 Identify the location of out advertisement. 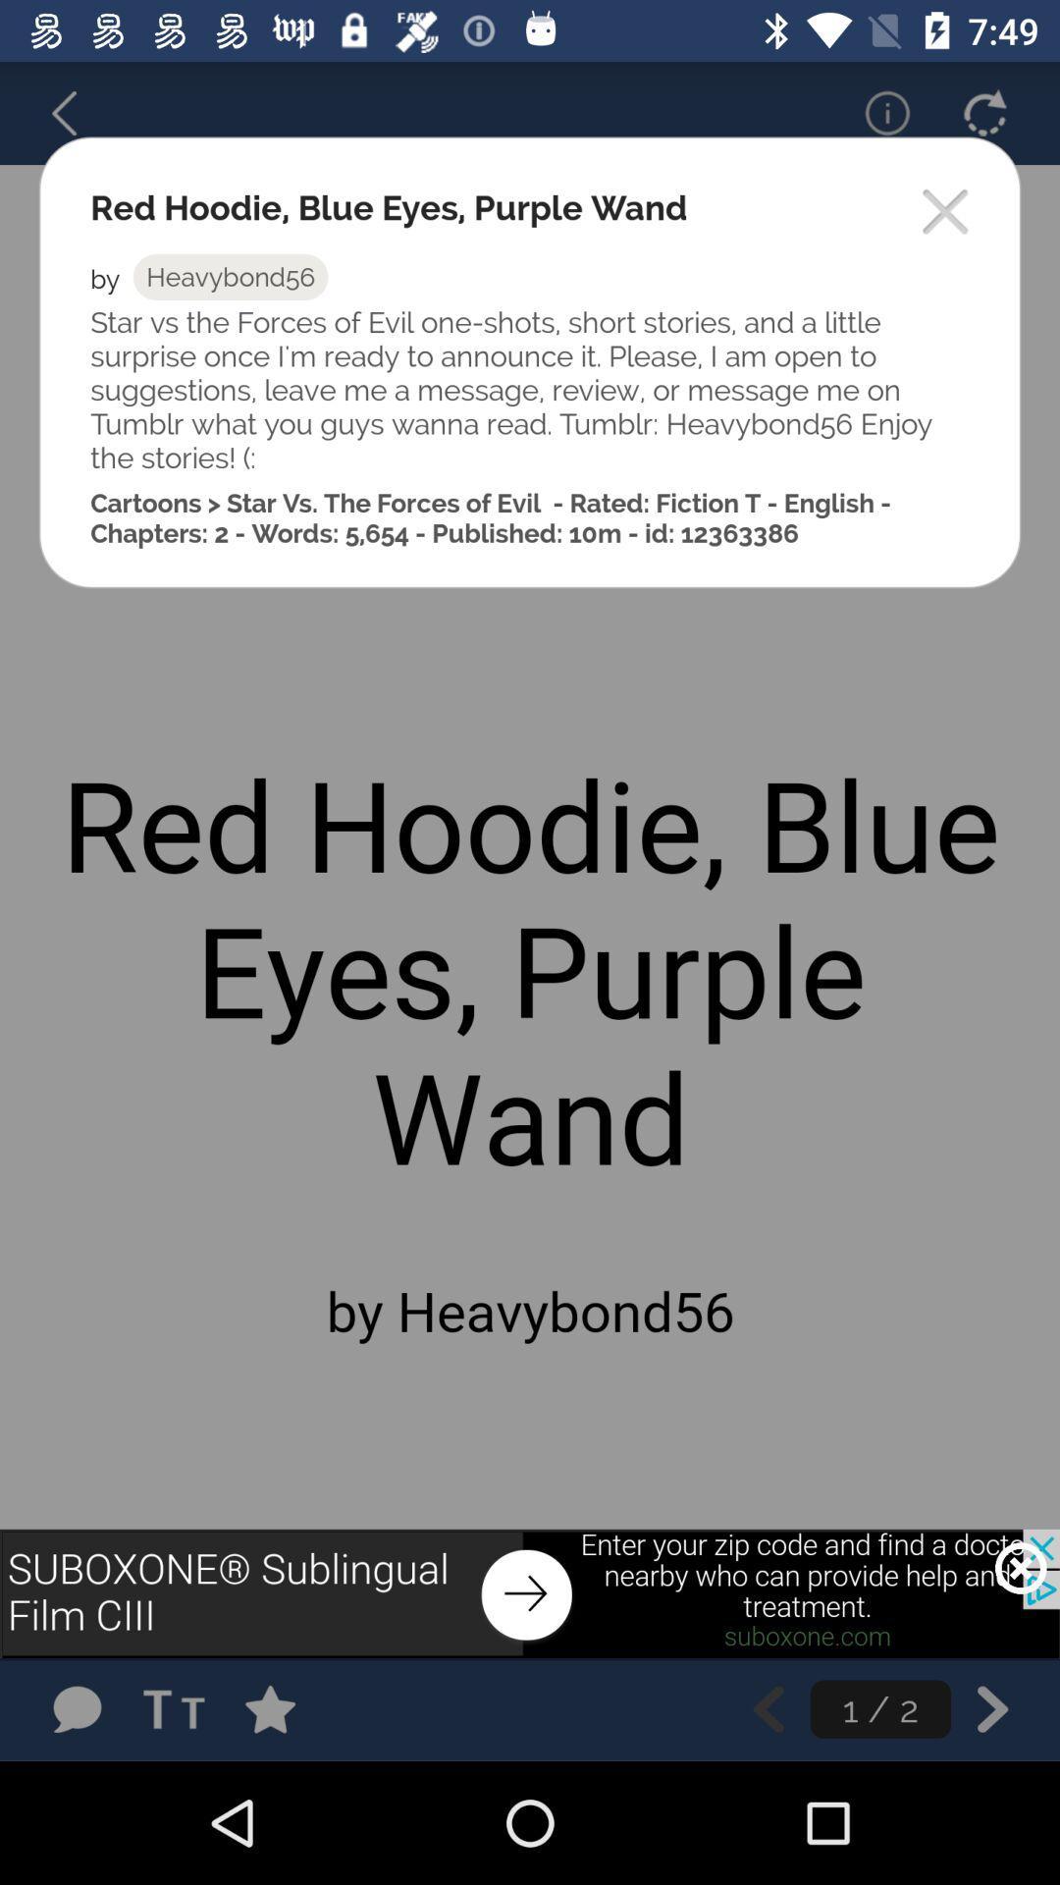
(1020, 1567).